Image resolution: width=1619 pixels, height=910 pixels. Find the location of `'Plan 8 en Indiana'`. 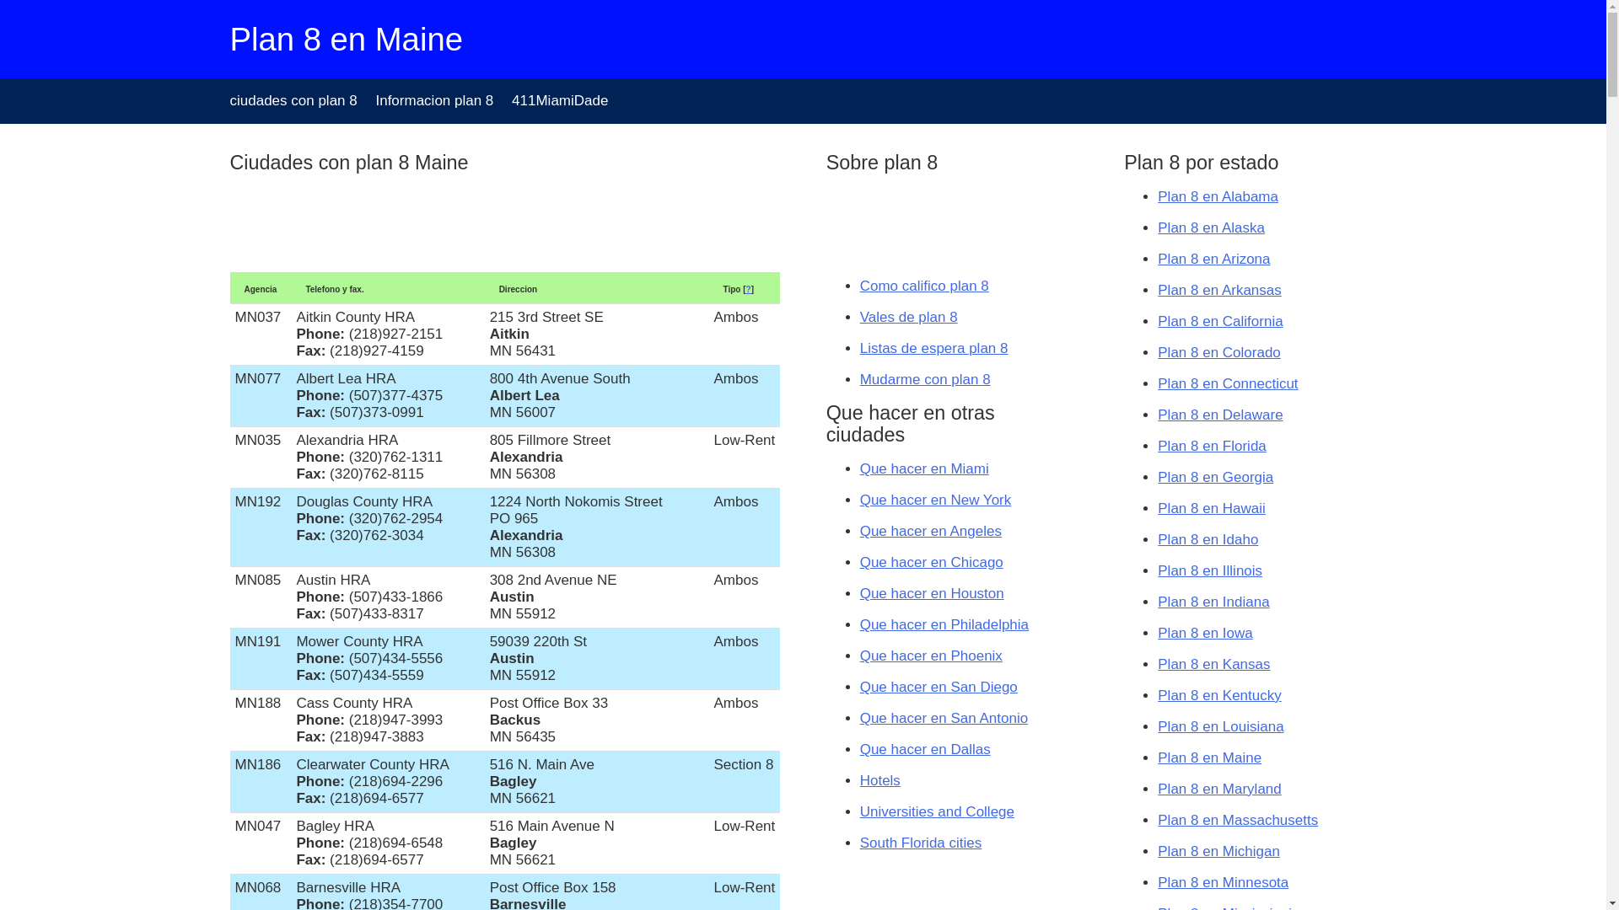

'Plan 8 en Indiana' is located at coordinates (1213, 601).